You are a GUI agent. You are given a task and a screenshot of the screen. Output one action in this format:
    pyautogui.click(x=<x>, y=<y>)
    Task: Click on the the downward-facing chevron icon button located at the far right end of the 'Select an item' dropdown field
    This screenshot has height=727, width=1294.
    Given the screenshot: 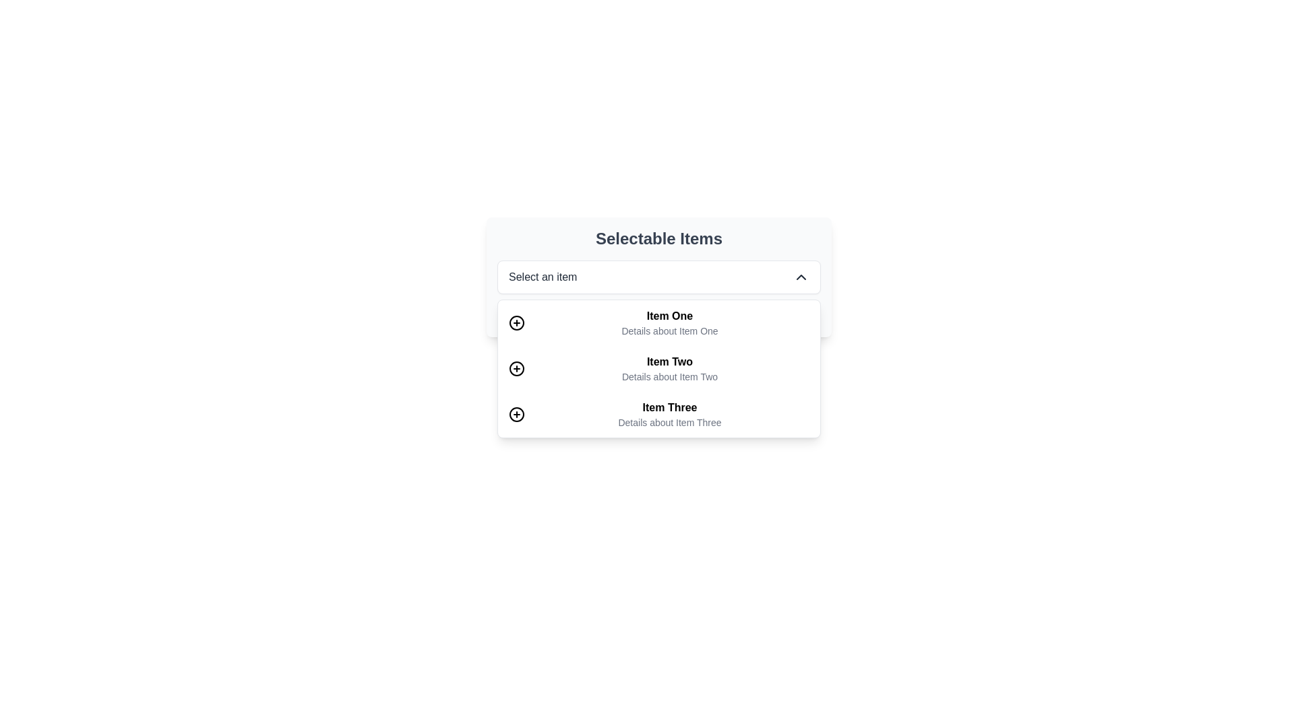 What is the action you would take?
    pyautogui.click(x=801, y=277)
    